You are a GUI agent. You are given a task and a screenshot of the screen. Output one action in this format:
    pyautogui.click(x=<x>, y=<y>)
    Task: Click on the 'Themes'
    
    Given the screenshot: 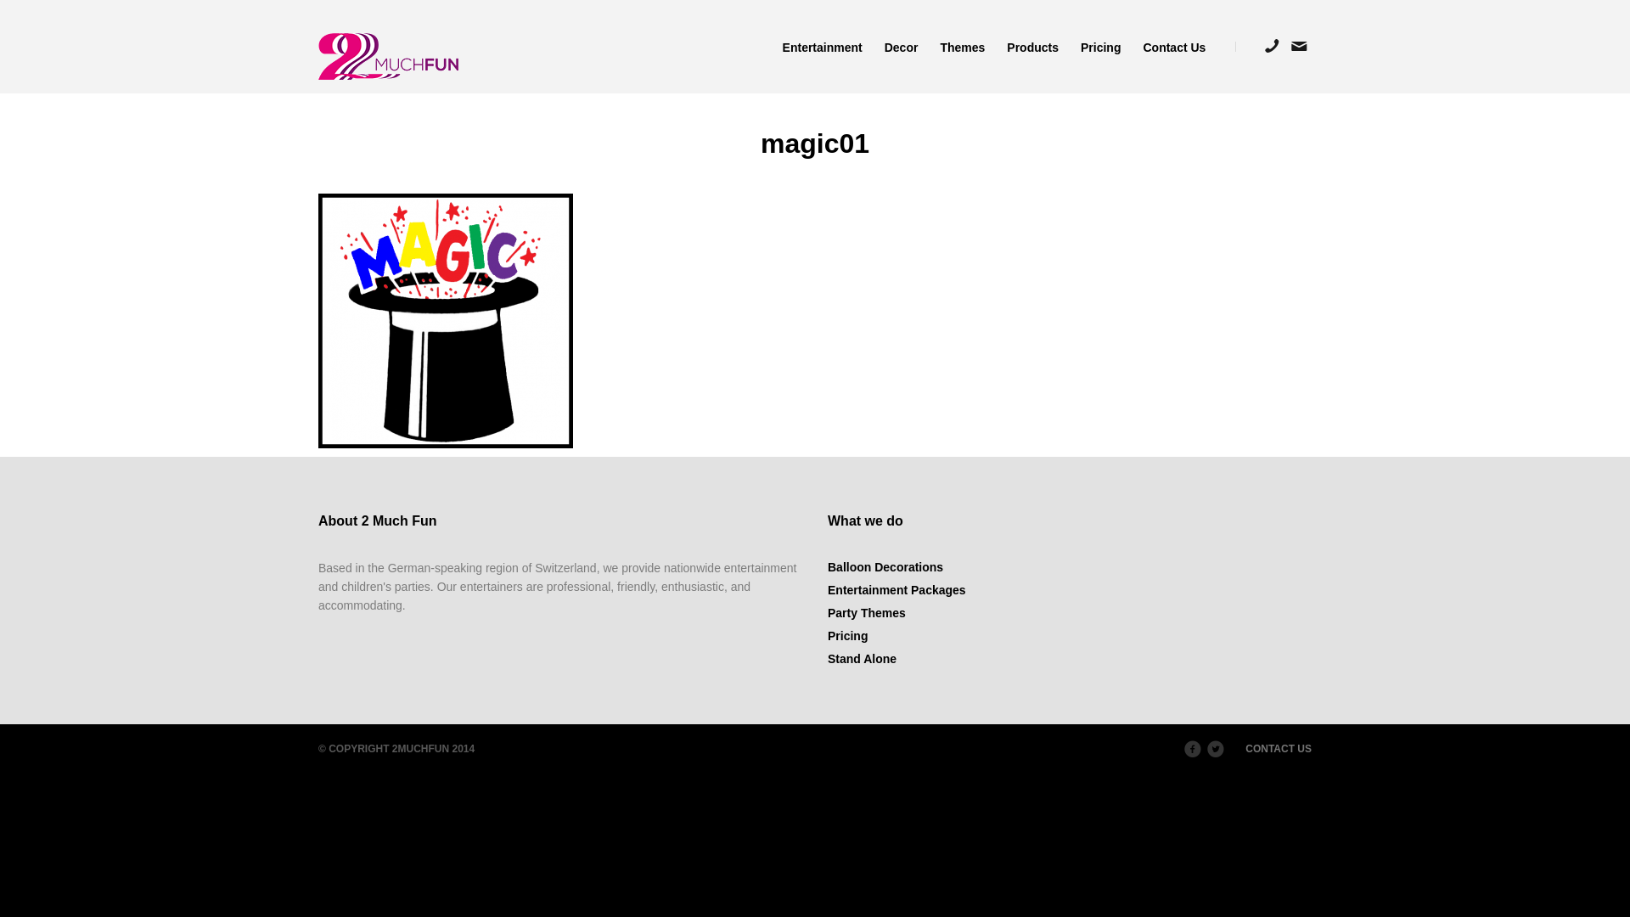 What is the action you would take?
    pyautogui.click(x=962, y=45)
    